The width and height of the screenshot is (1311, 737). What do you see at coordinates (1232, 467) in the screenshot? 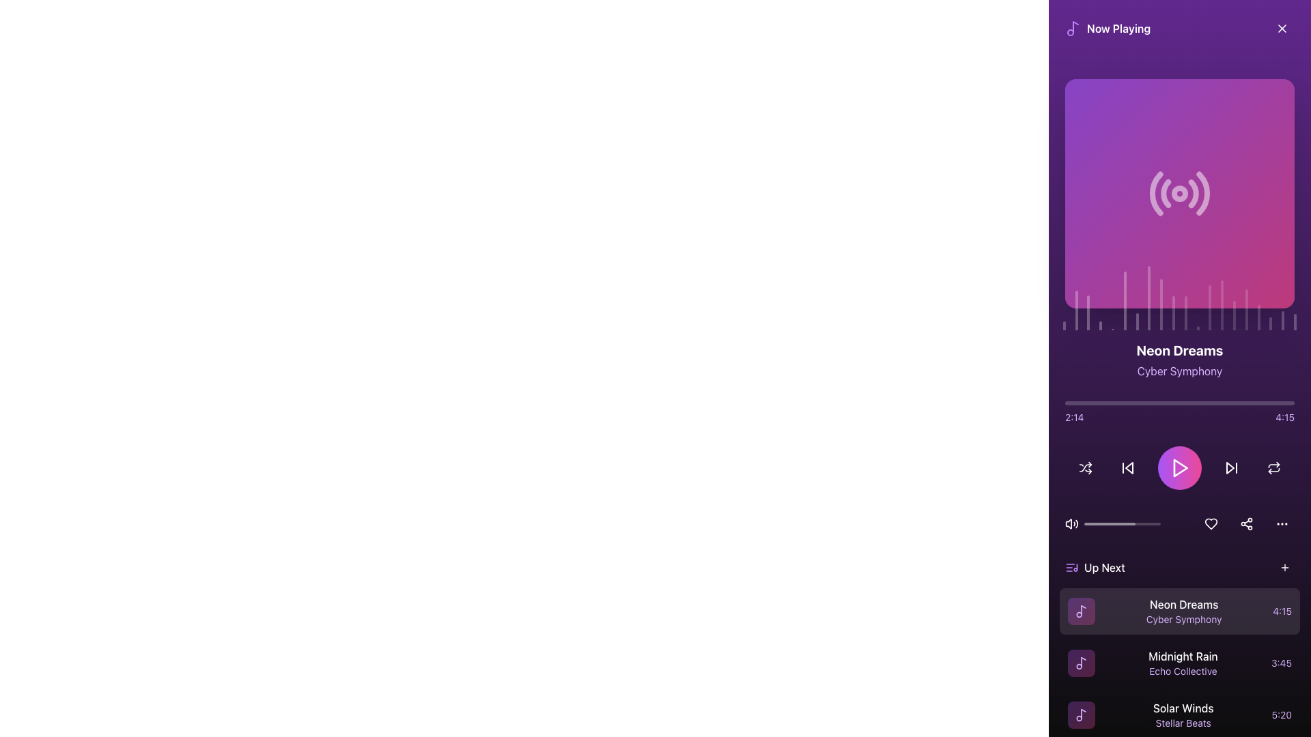
I see `the 'Next Track' button, which is the fourth icon from the left` at bounding box center [1232, 467].